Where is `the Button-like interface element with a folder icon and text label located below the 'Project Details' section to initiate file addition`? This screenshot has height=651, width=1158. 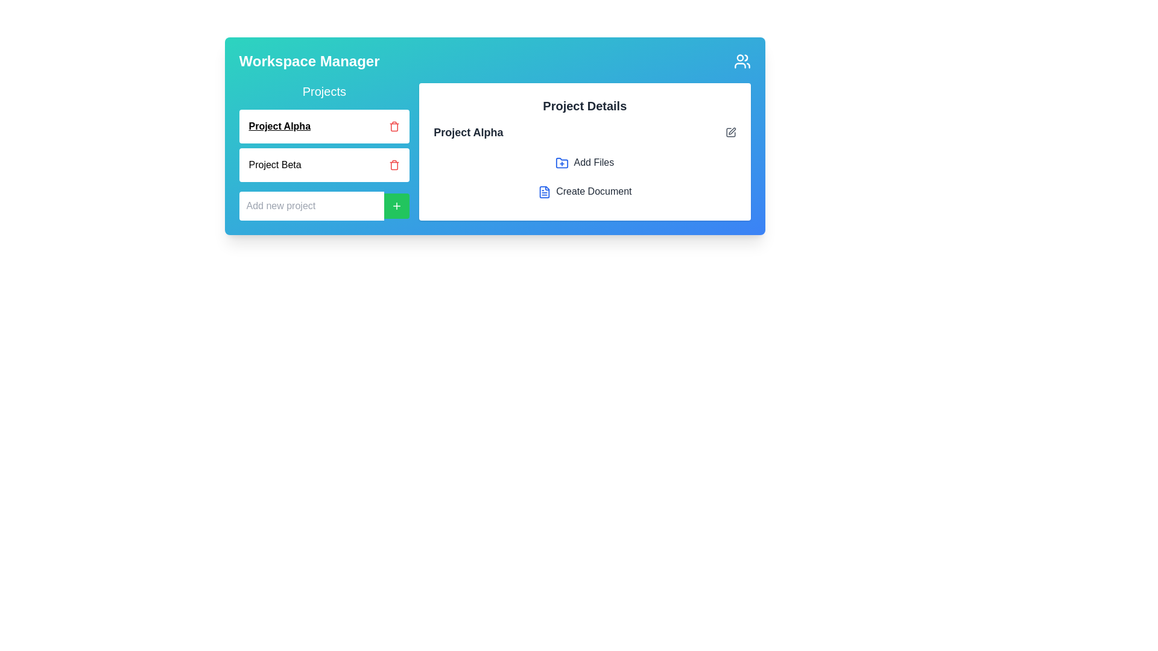 the Button-like interface element with a folder icon and text label located below the 'Project Details' section to initiate file addition is located at coordinates (584, 163).